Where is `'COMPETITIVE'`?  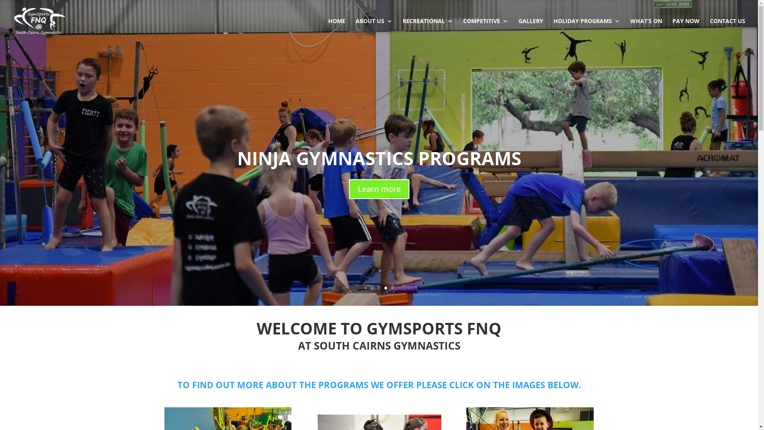 'COMPETITIVE' is located at coordinates (463, 30).